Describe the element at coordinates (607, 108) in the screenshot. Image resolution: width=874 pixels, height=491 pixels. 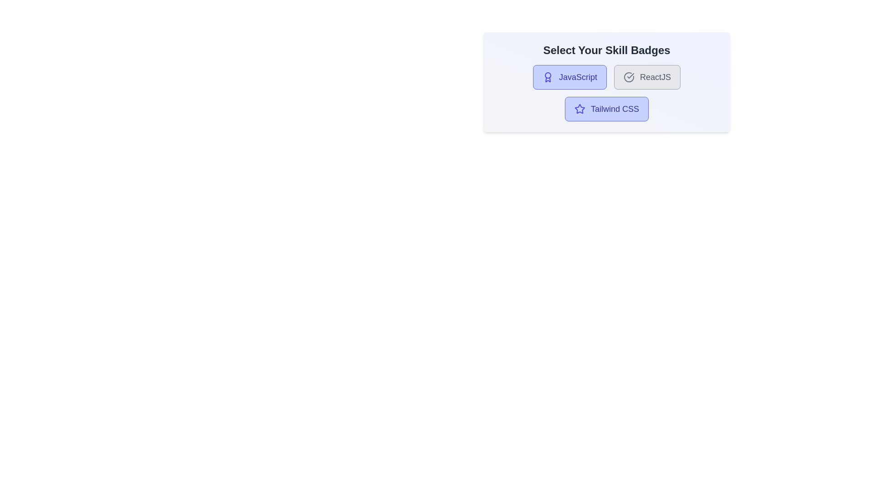
I see `the skill badge Tailwind CSS` at that location.